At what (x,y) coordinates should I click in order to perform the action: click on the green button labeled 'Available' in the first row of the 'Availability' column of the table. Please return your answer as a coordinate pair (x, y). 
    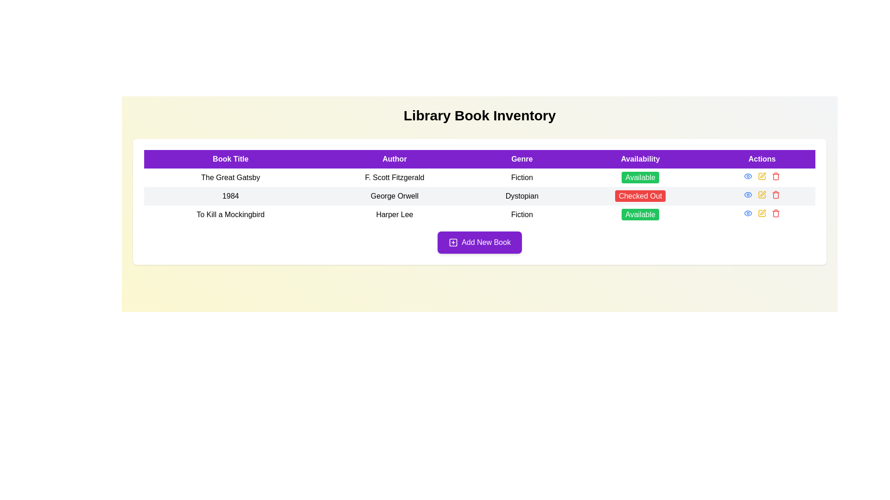
    Looking at the image, I should click on (640, 177).